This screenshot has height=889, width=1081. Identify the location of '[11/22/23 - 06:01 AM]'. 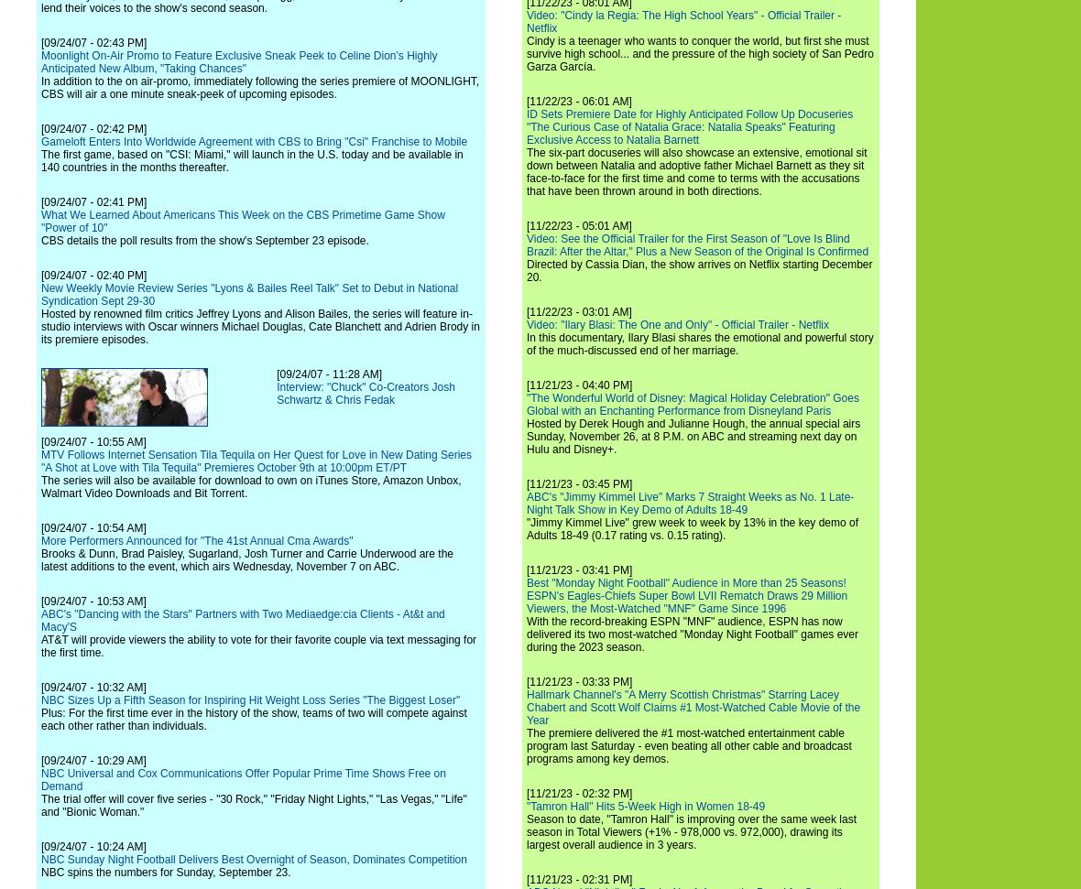
(578, 101).